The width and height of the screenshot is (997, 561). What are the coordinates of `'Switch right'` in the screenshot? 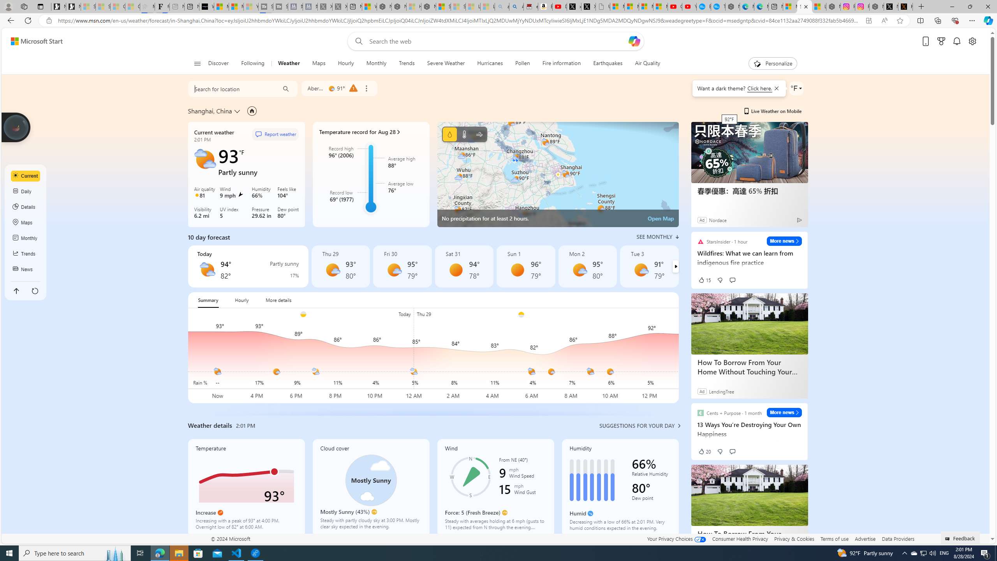 It's located at (675, 266).